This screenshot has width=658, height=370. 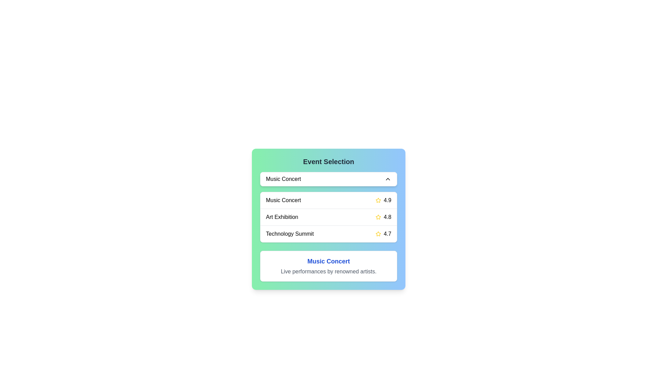 I want to click on the 'Music Concert' text label in the dropdown menu indicating the currently selected category, so click(x=283, y=179).